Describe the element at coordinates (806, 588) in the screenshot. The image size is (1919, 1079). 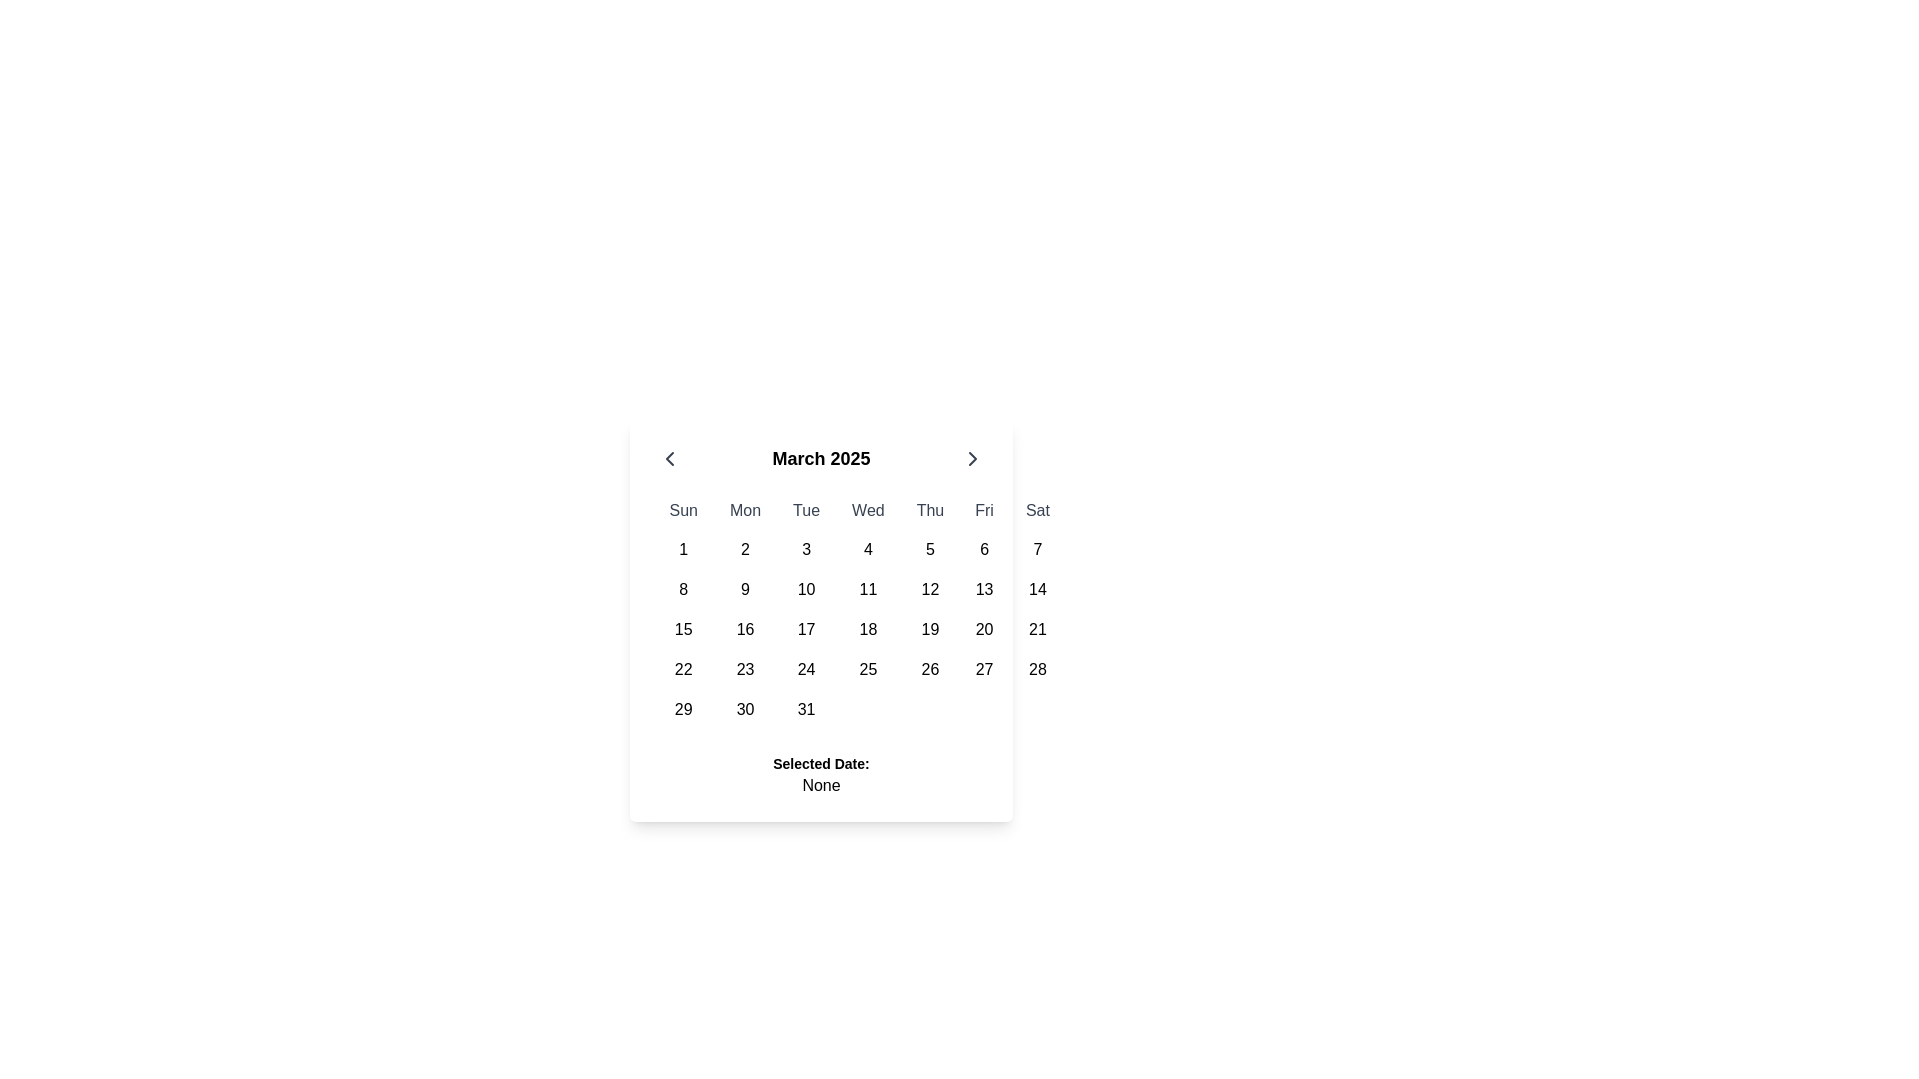
I see `the calendar day grid cell displaying the number '10'` at that location.